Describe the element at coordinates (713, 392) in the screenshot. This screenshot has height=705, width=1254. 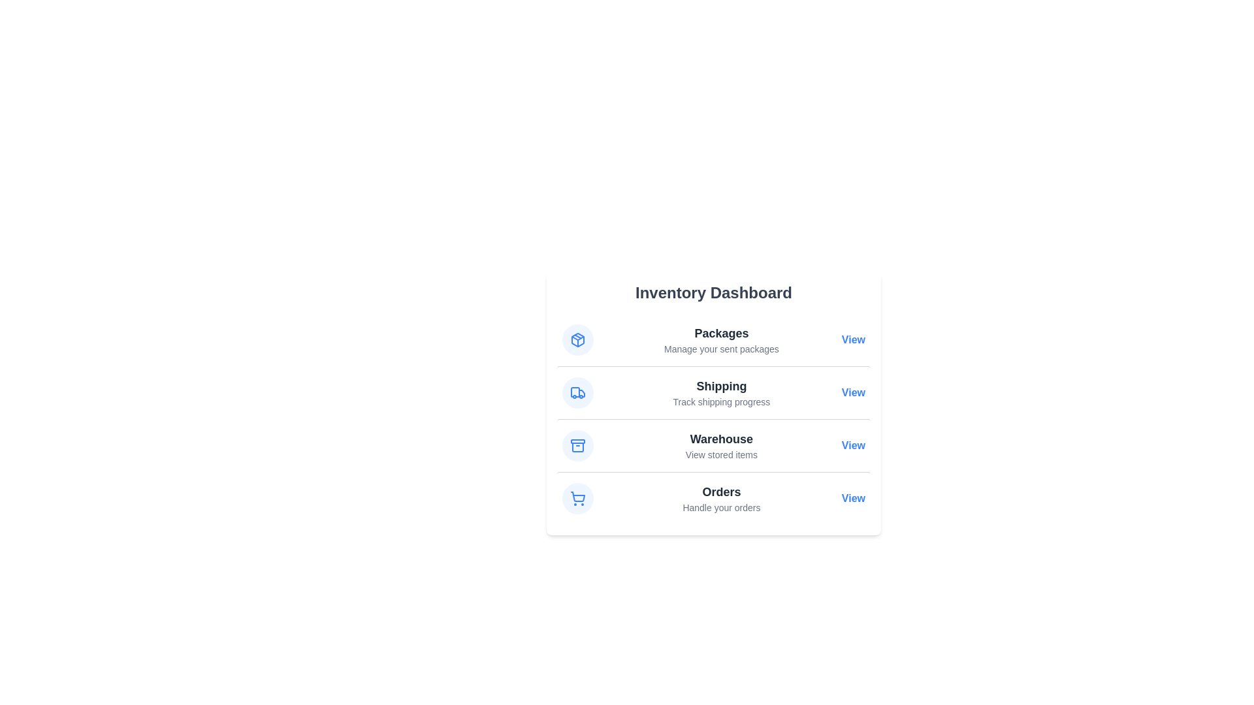
I see `the list item corresponding to Shipping` at that location.